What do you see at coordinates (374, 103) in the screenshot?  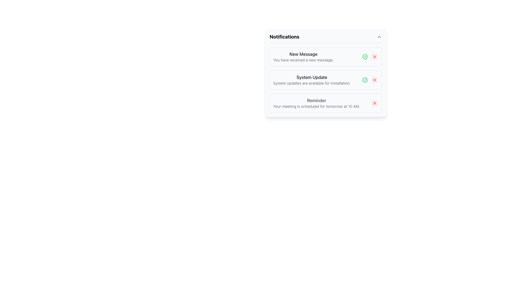 I see `the red cross icon button in the third notification item titled 'Reminder'` at bounding box center [374, 103].